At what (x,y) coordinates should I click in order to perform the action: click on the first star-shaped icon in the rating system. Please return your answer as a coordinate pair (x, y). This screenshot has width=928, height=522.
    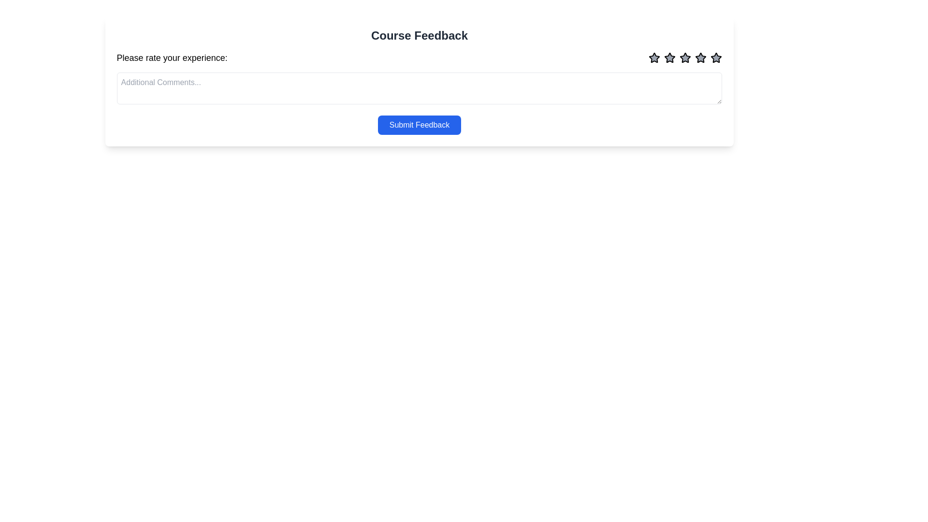
    Looking at the image, I should click on (654, 58).